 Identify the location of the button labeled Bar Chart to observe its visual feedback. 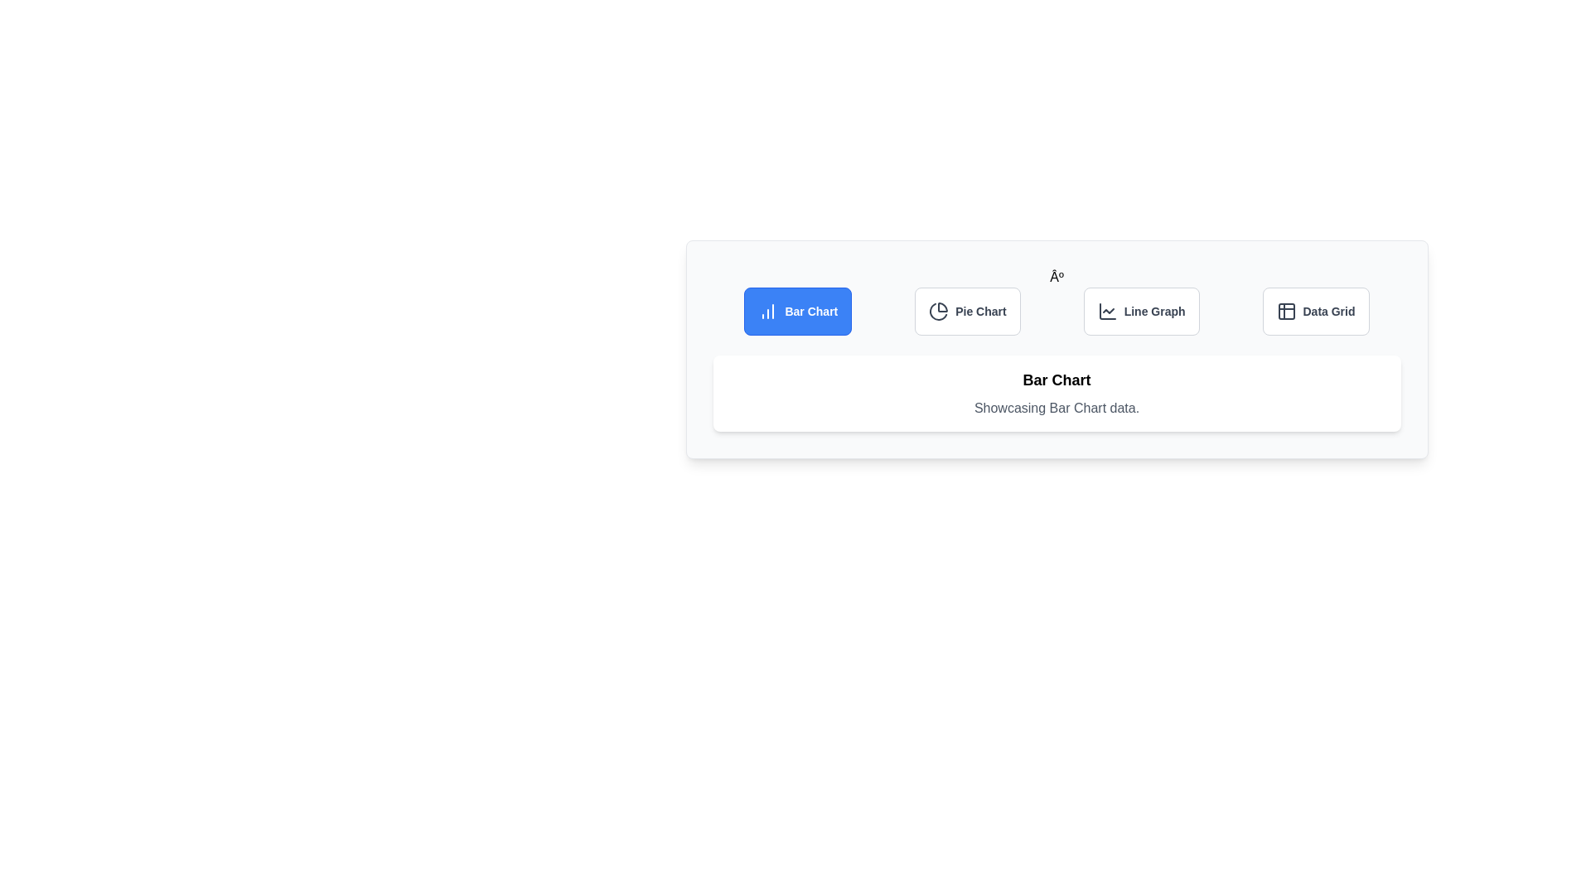
(798, 311).